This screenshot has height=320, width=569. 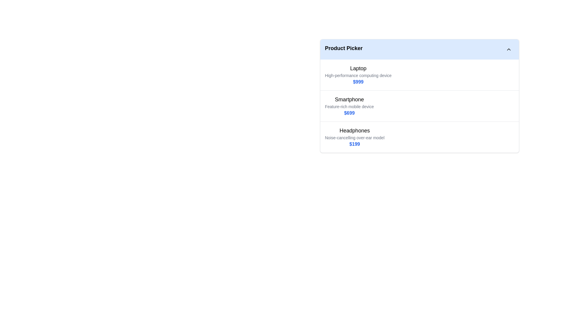 What do you see at coordinates (358, 75) in the screenshot?
I see `the static text providing additional descriptive information about the 'Laptop' product, located below the title 'Laptop' and above the price '$999'` at bounding box center [358, 75].